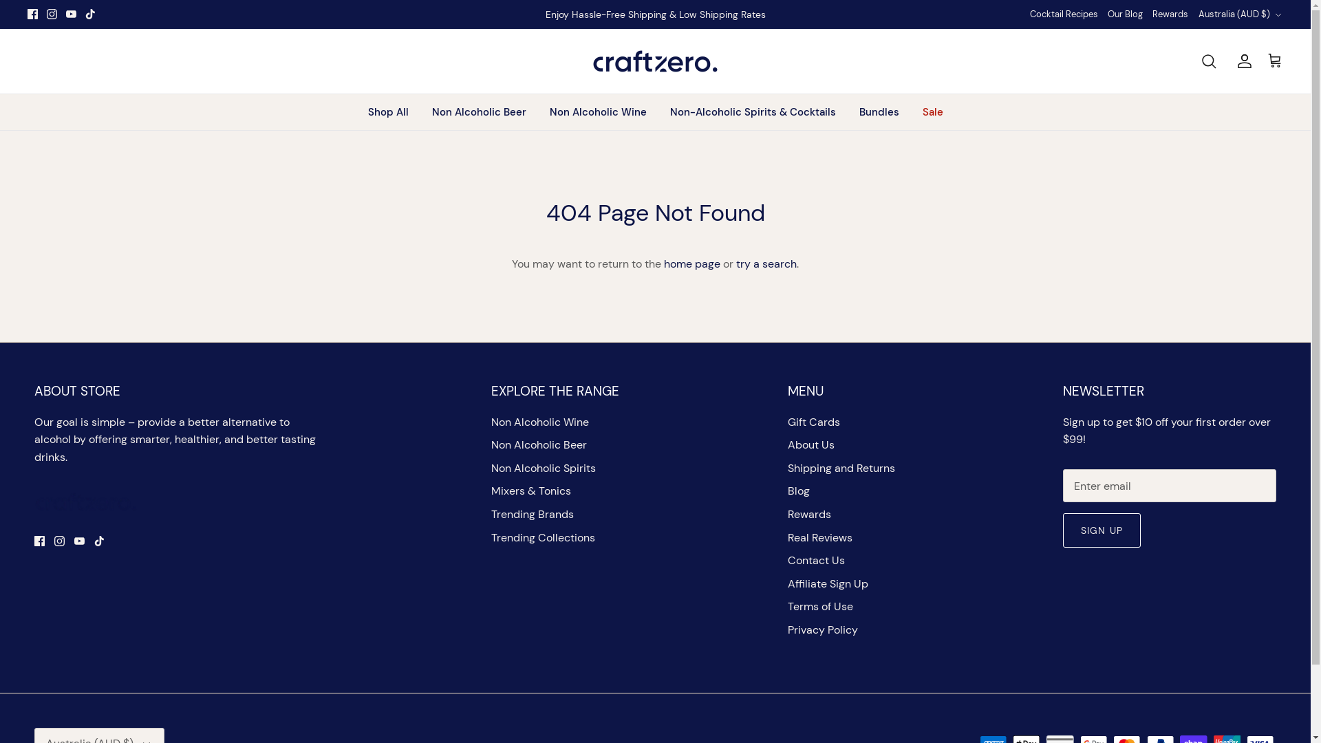 The image size is (1321, 743). Describe the element at coordinates (692, 263) in the screenshot. I see `'home page'` at that location.